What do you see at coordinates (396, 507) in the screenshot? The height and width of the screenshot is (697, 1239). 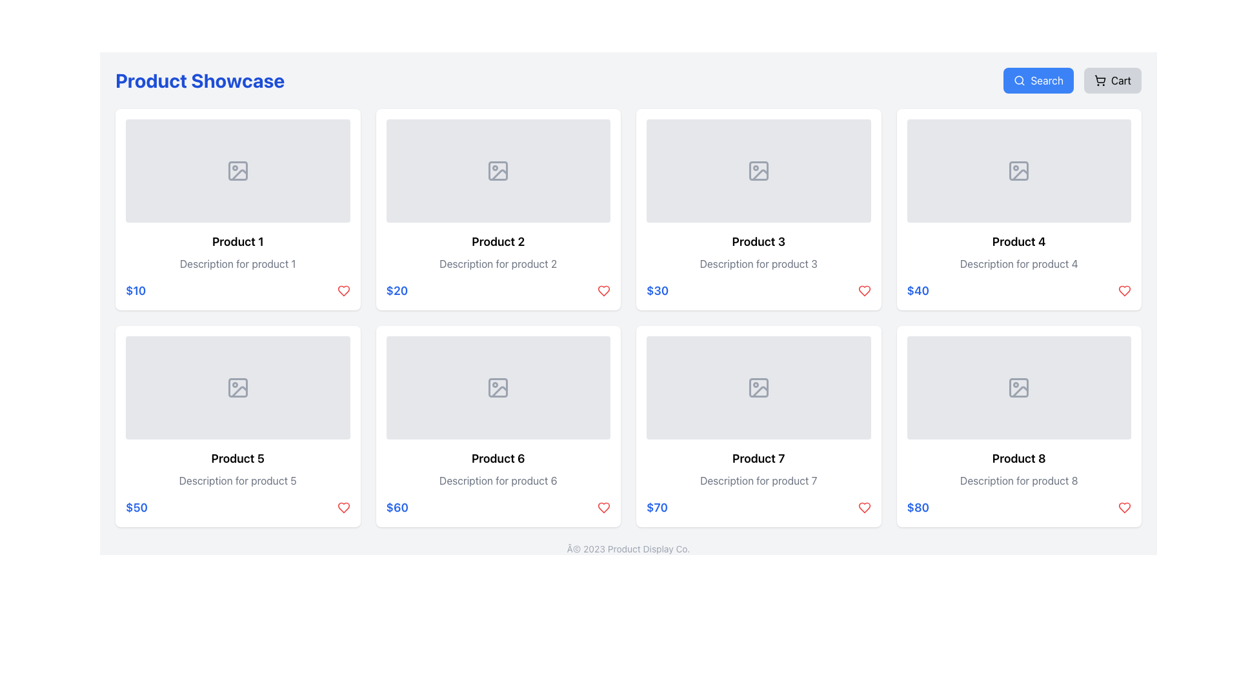 I see `the text label displaying '$60', styled in bold blue font, located in the bottom section of the sixth card below the title 'Product 6'` at bounding box center [396, 507].